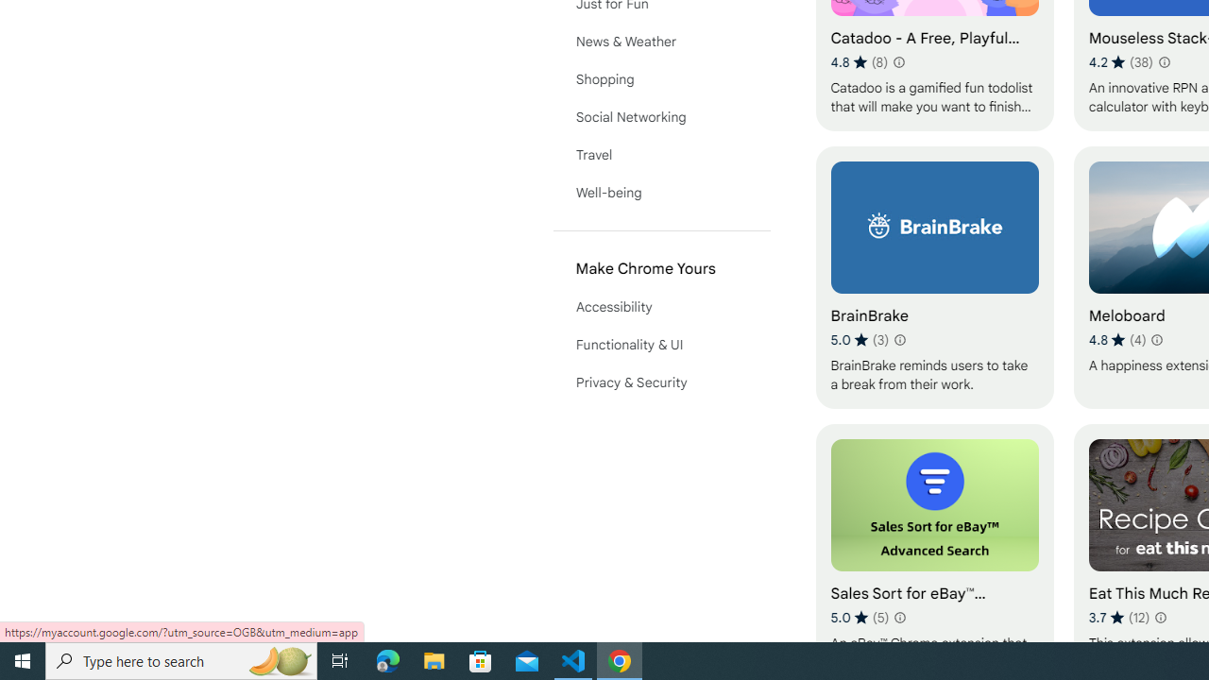 This screenshot has width=1209, height=680. What do you see at coordinates (661, 193) in the screenshot?
I see `'Well-being'` at bounding box center [661, 193].